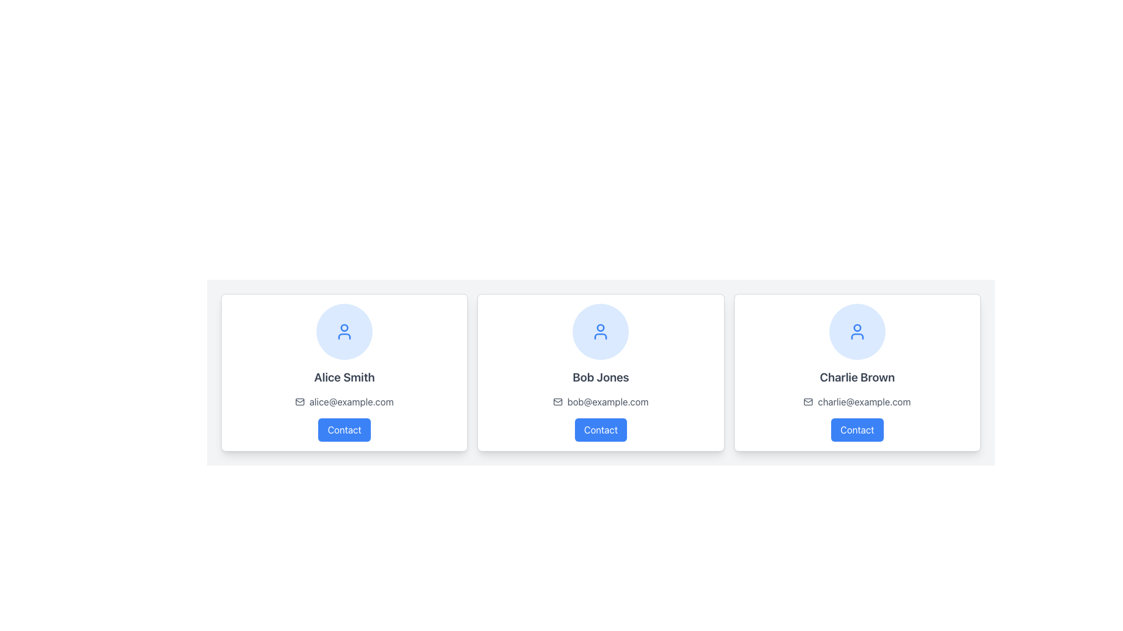 The height and width of the screenshot is (631, 1123). What do you see at coordinates (557, 401) in the screenshot?
I see `the envelope icon associated with the user 'Bob Jones', which is located adjacent to the email text 'bob@example.com'` at bounding box center [557, 401].